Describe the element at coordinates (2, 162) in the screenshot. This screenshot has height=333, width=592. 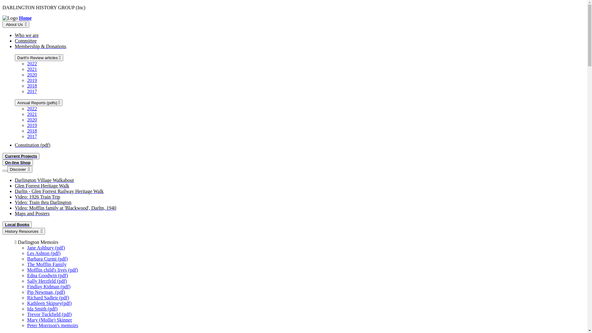
I see `'On-line Shop'` at that location.